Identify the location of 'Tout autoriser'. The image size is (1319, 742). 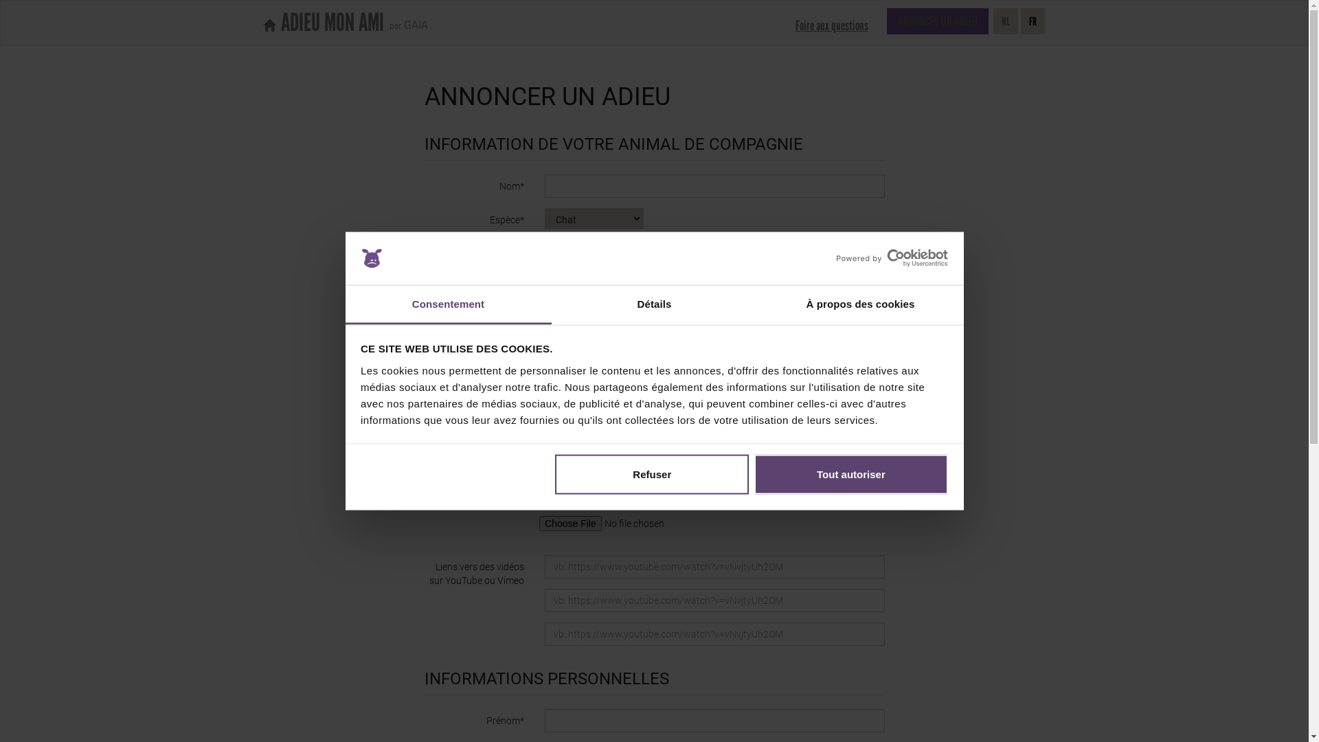
(850, 473).